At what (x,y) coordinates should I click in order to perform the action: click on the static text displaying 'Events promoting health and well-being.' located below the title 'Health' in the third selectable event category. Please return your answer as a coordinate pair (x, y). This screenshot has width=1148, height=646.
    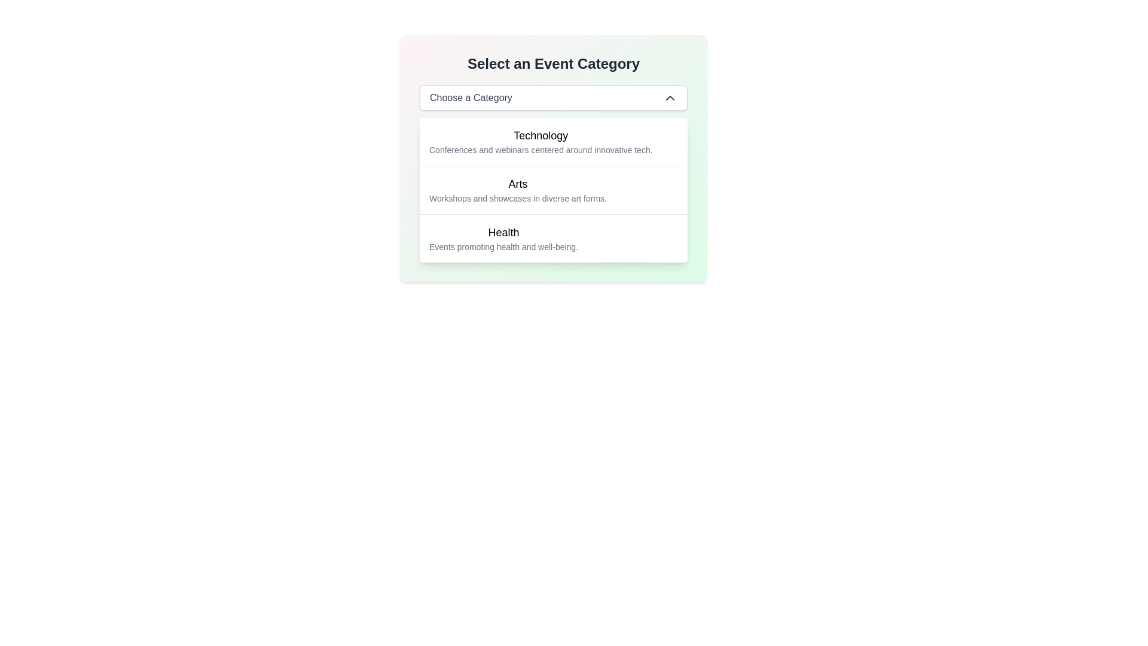
    Looking at the image, I should click on (503, 246).